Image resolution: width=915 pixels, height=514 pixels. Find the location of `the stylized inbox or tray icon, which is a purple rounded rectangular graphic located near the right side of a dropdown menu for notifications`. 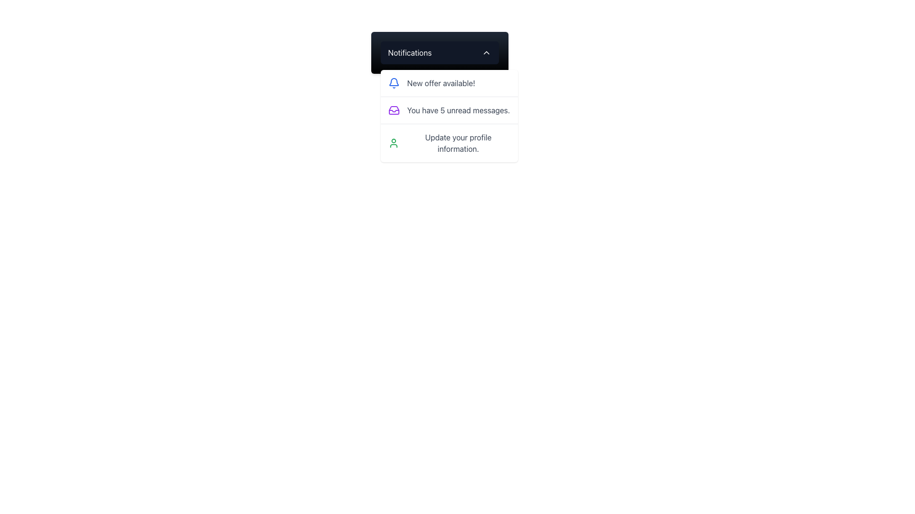

the stylized inbox or tray icon, which is a purple rounded rectangular graphic located near the right side of a dropdown menu for notifications is located at coordinates (394, 109).